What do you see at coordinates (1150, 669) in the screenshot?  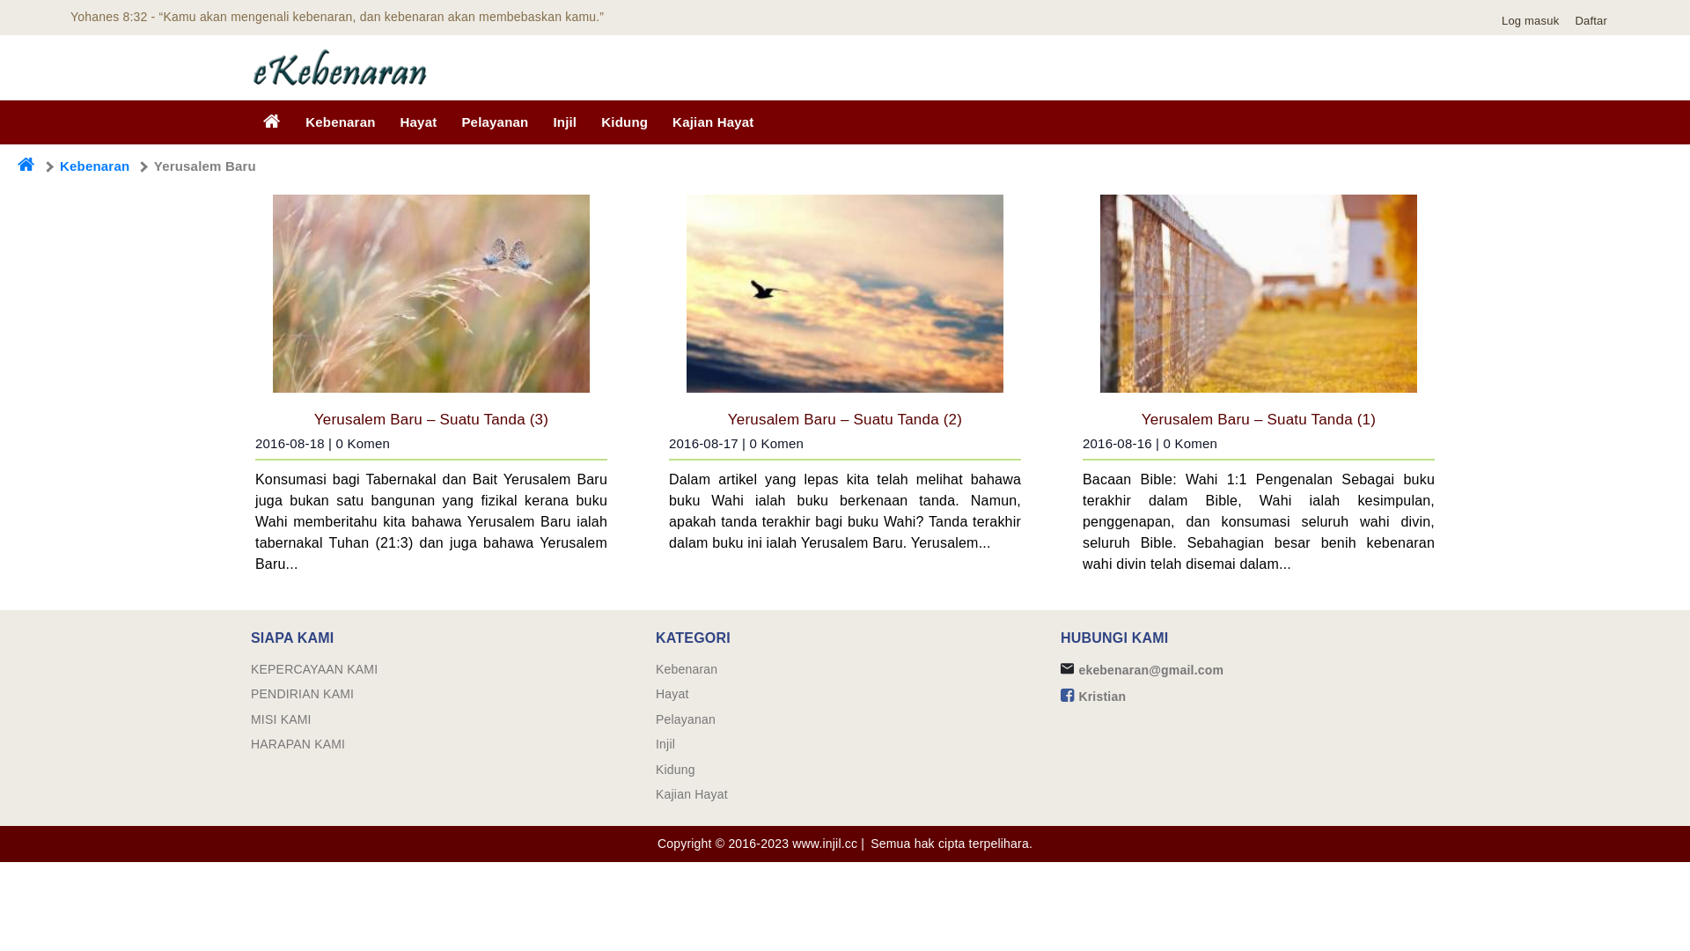 I see `'ekebenaran@gmail.com'` at bounding box center [1150, 669].